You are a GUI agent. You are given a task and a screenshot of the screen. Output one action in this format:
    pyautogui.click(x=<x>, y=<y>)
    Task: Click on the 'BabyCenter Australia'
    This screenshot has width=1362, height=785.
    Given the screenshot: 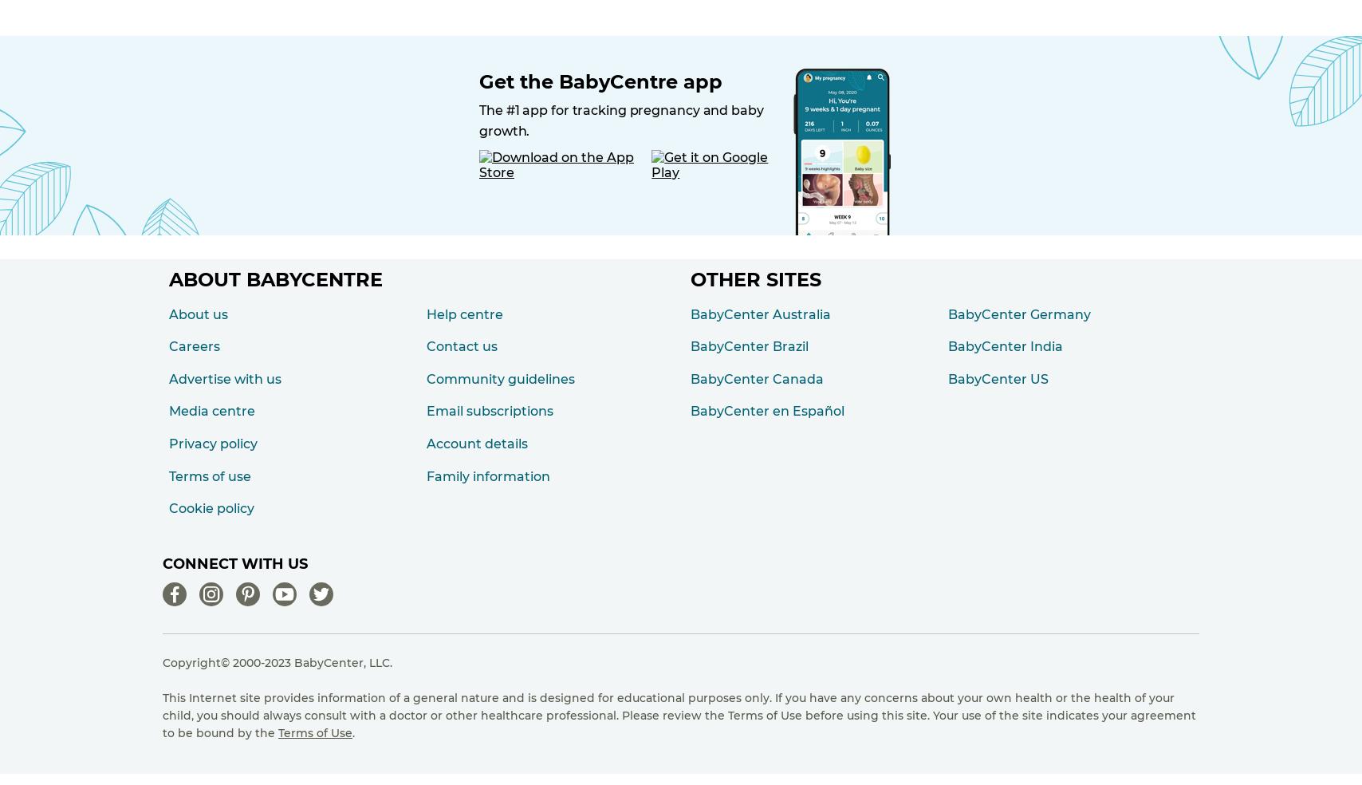 What is the action you would take?
    pyautogui.click(x=760, y=314)
    